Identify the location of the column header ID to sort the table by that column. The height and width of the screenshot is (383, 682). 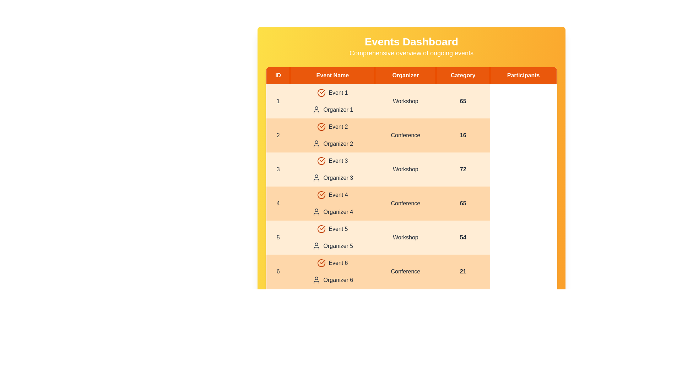
(277, 75).